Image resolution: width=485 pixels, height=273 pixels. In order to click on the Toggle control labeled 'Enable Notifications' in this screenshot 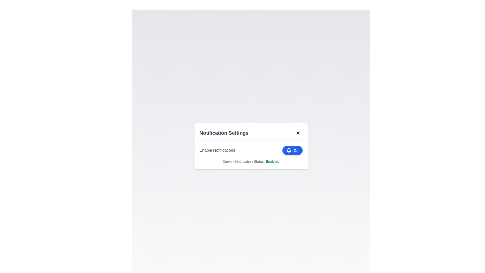, I will do `click(251, 150)`.